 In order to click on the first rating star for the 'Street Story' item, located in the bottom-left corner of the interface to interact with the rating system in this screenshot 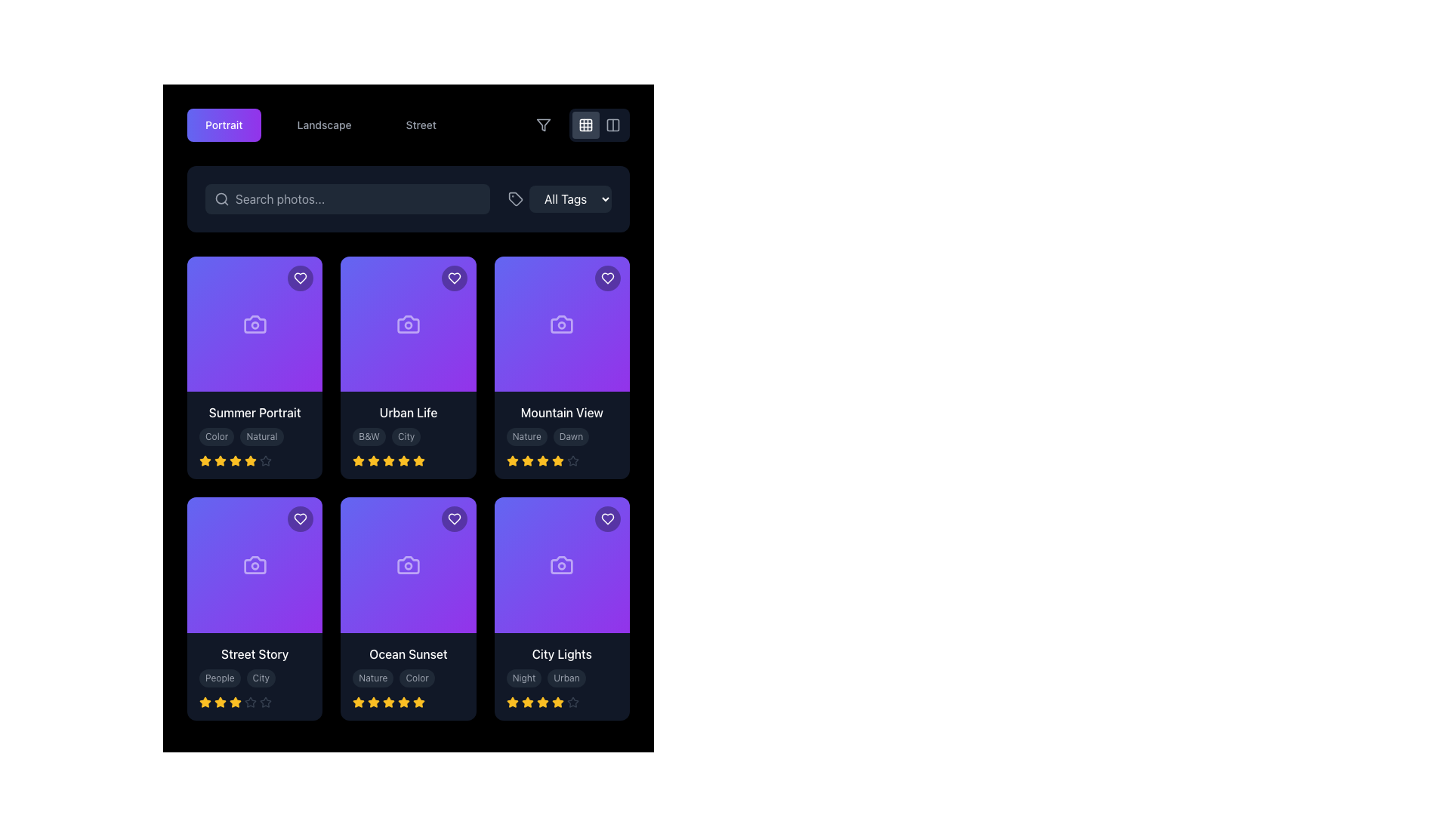, I will do `click(220, 702)`.